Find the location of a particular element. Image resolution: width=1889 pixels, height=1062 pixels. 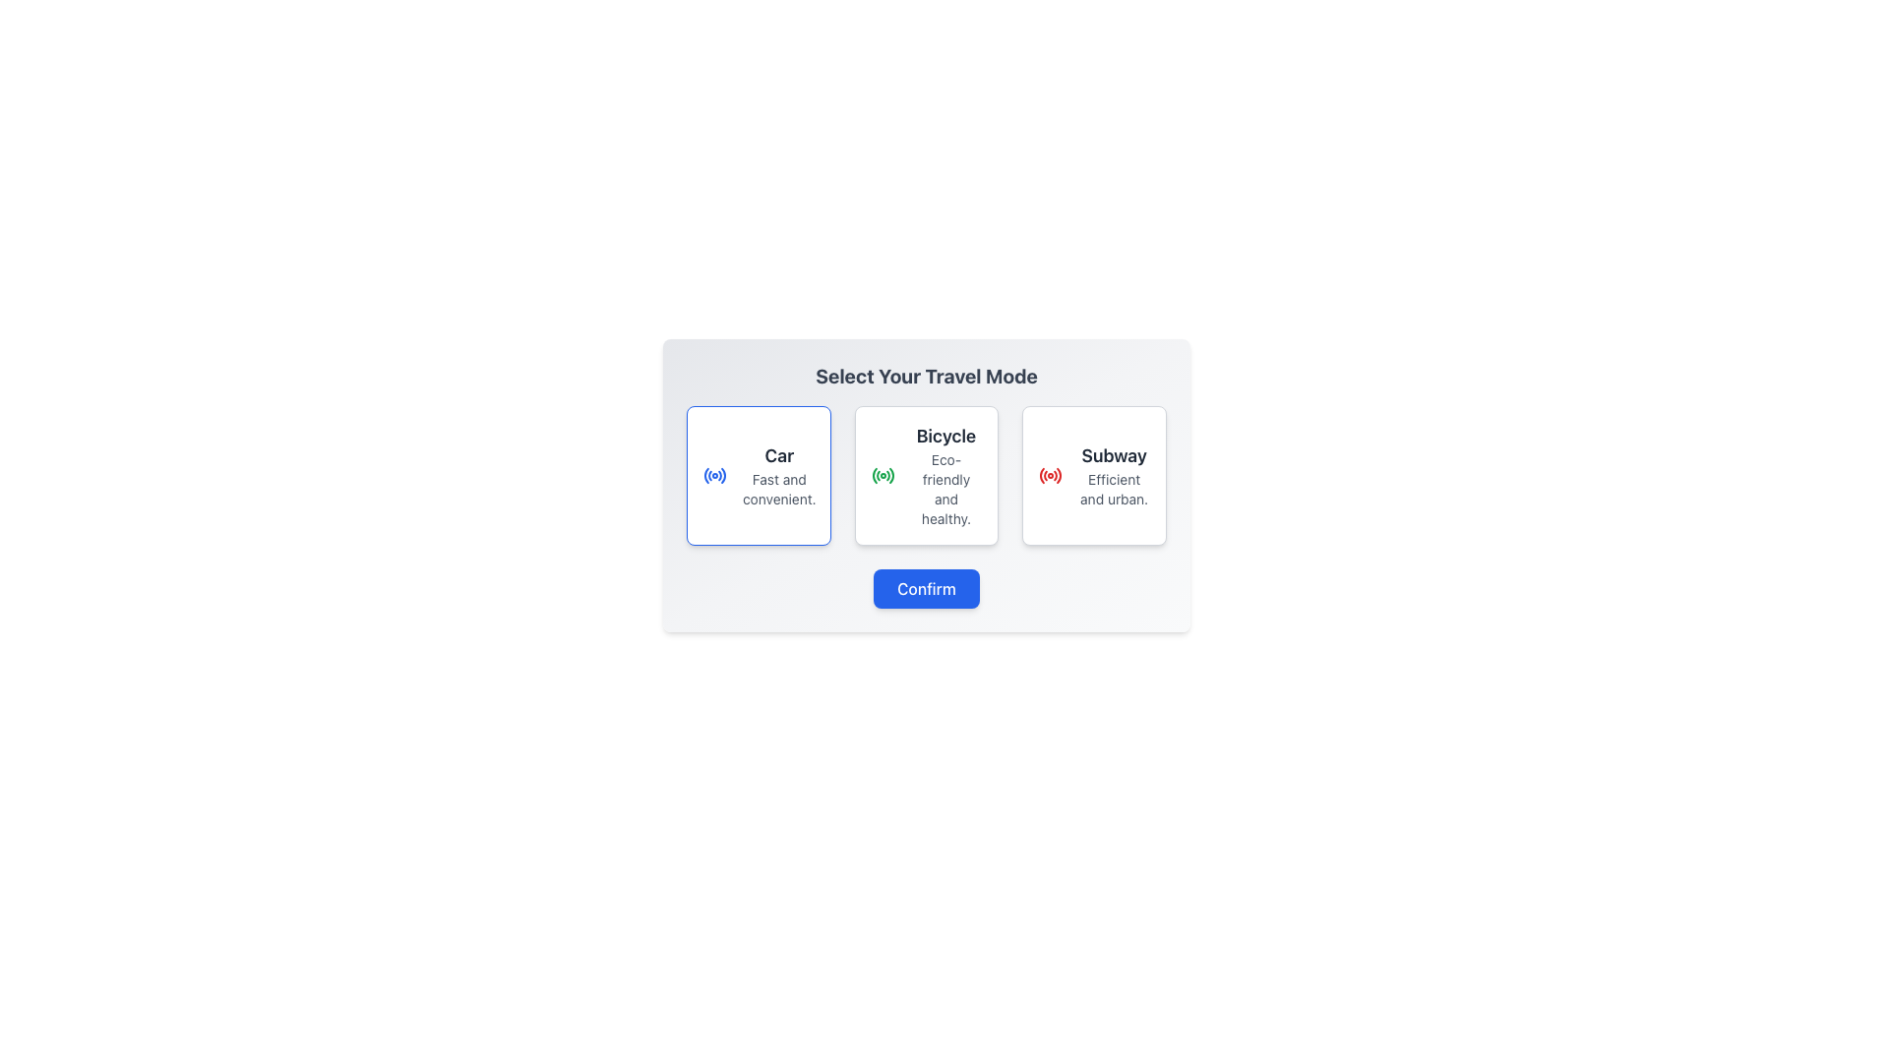

the second Selection Card in the travel mode options is located at coordinates (925, 475).